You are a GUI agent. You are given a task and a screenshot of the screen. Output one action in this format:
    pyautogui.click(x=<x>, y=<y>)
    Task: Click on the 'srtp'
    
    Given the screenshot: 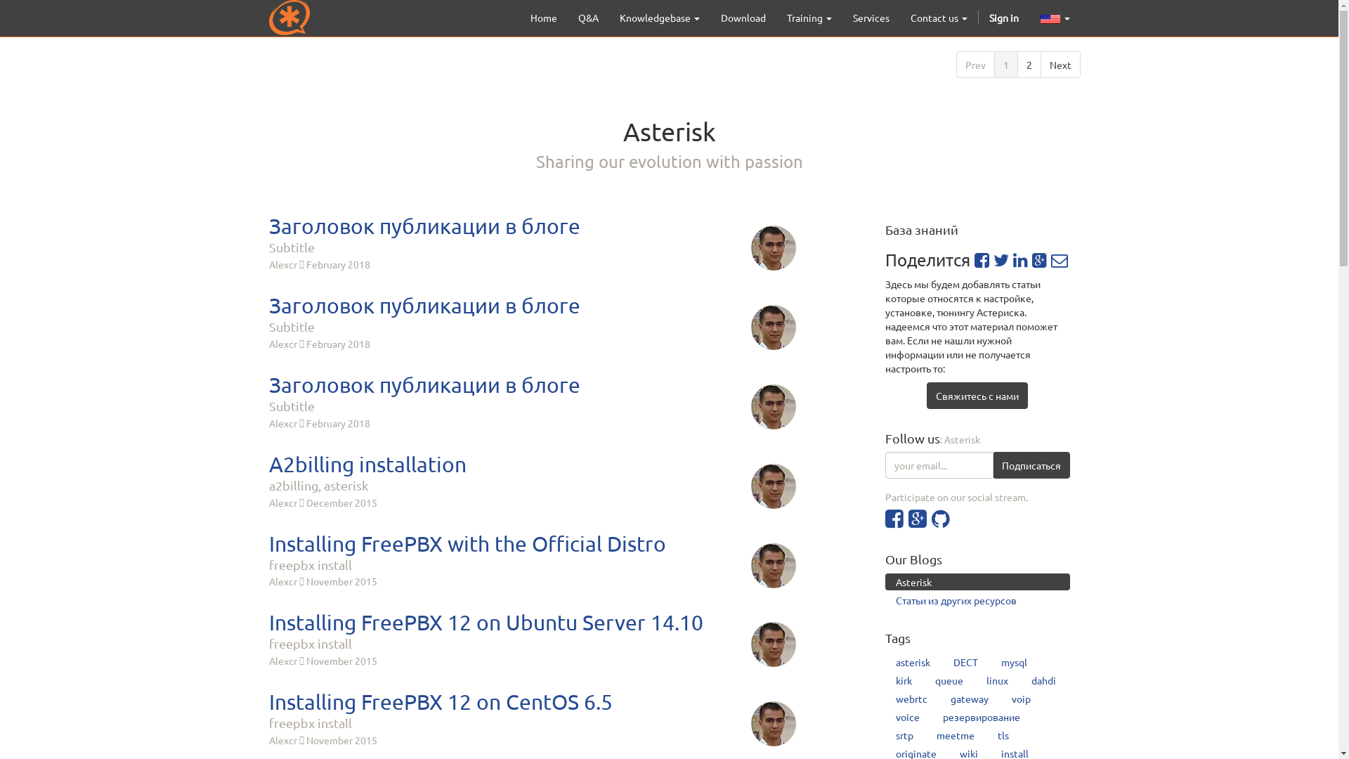 What is the action you would take?
    pyautogui.click(x=904, y=734)
    